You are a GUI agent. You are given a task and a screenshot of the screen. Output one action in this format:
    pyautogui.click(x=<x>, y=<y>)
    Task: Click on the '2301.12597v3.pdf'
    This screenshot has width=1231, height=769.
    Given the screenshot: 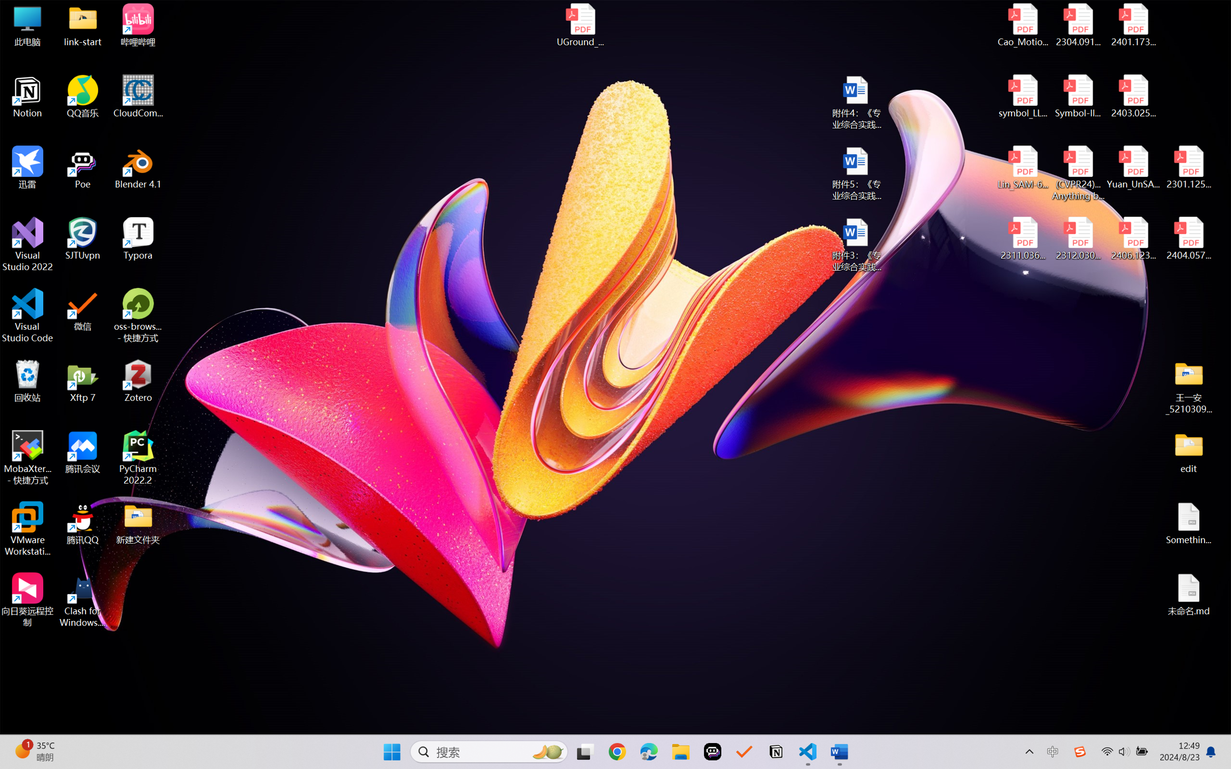 What is the action you would take?
    pyautogui.click(x=1188, y=167)
    